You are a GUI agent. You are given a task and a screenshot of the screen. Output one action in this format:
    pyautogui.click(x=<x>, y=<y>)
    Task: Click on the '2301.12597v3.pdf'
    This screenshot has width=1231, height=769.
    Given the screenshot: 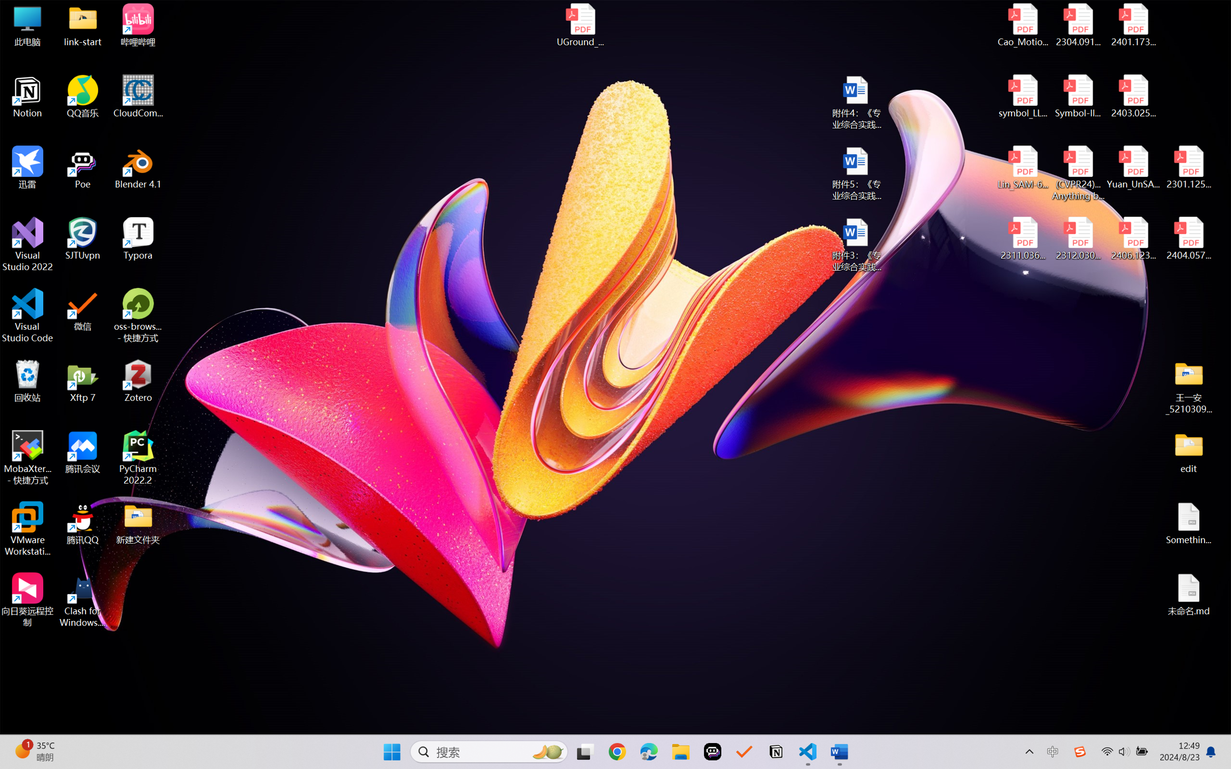 What is the action you would take?
    pyautogui.click(x=1188, y=167)
    